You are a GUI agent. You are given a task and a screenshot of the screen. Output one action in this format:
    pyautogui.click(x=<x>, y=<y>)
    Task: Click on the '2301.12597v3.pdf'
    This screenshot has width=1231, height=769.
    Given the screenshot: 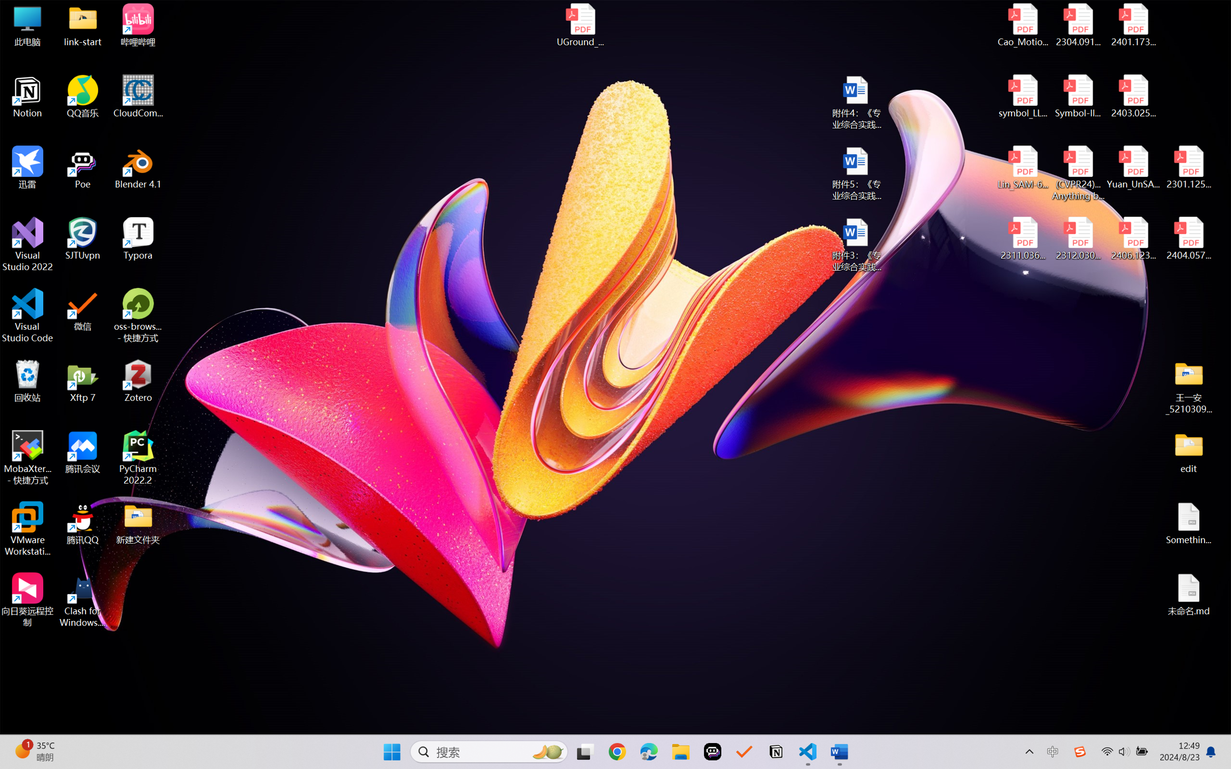 What is the action you would take?
    pyautogui.click(x=1188, y=167)
    